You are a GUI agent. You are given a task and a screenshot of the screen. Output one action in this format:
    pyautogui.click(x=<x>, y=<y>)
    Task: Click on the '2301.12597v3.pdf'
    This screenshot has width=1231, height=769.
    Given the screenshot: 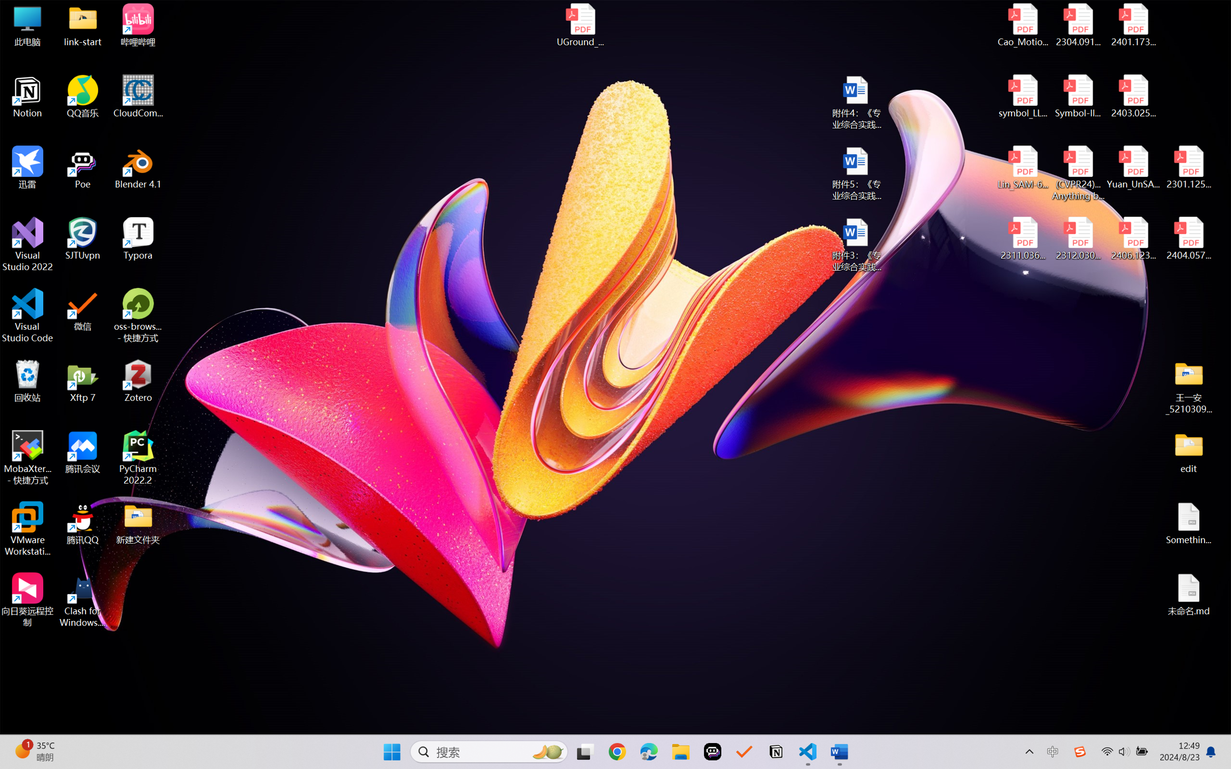 What is the action you would take?
    pyautogui.click(x=1188, y=167)
    